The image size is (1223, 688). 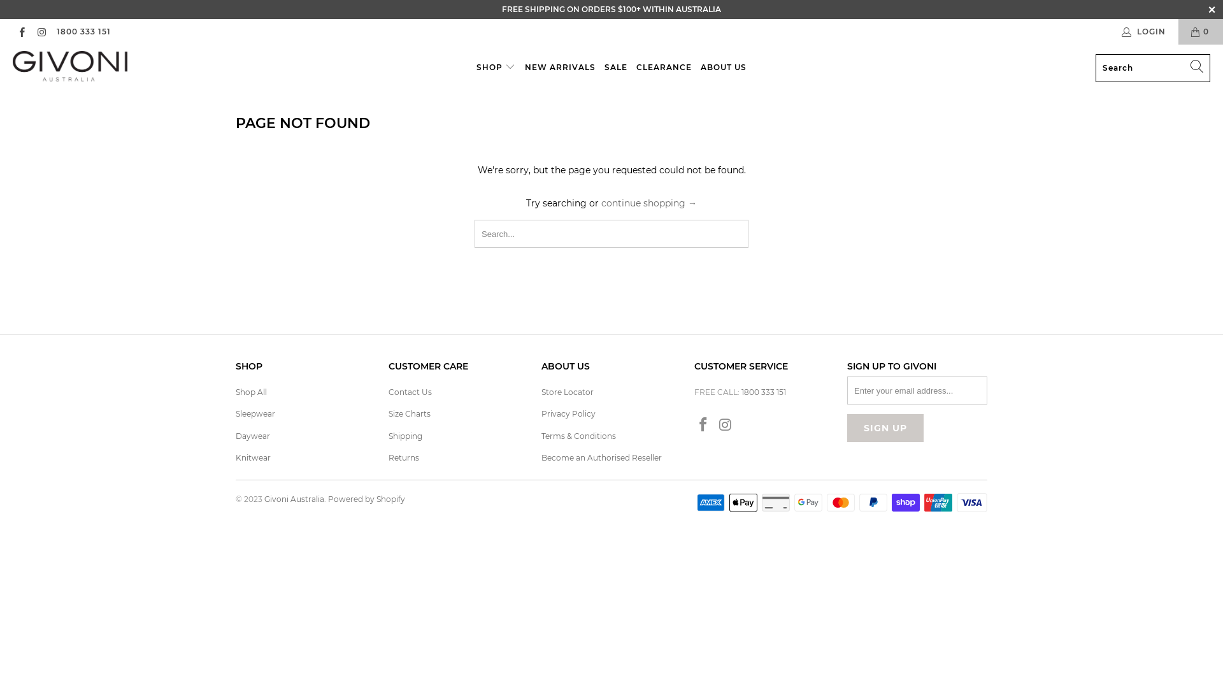 What do you see at coordinates (560, 68) in the screenshot?
I see `'NEW ARRIVALS'` at bounding box center [560, 68].